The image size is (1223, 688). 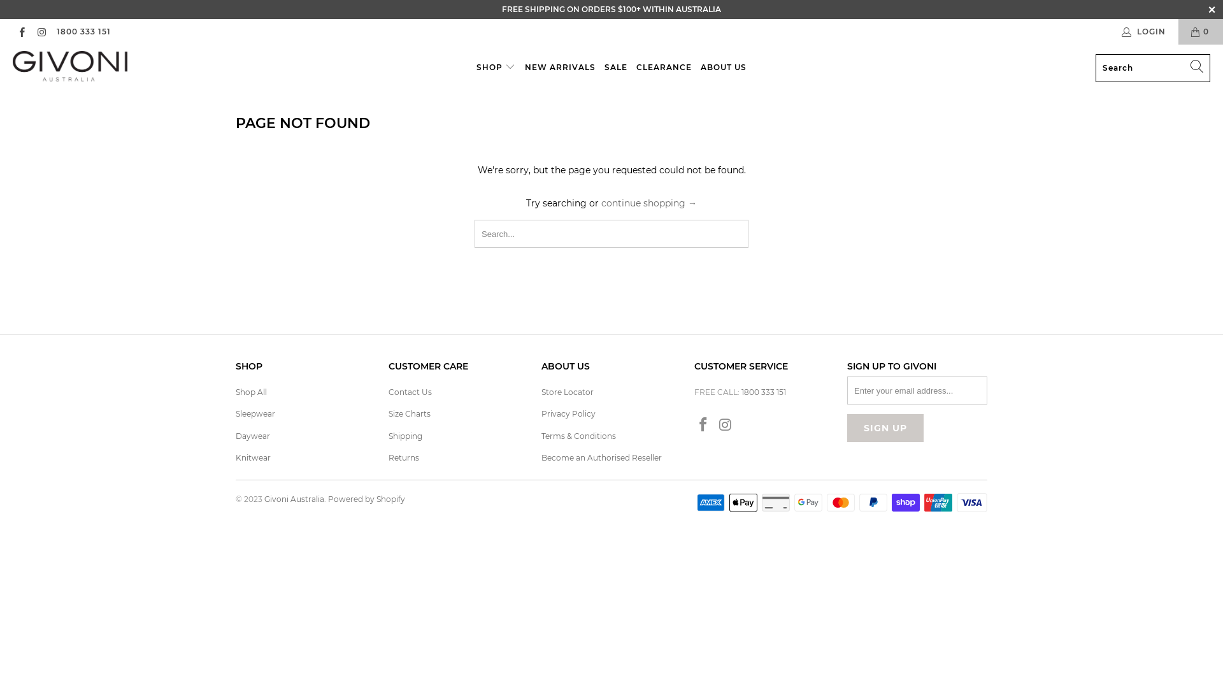 What do you see at coordinates (560, 68) in the screenshot?
I see `'NEW ARRIVALS'` at bounding box center [560, 68].